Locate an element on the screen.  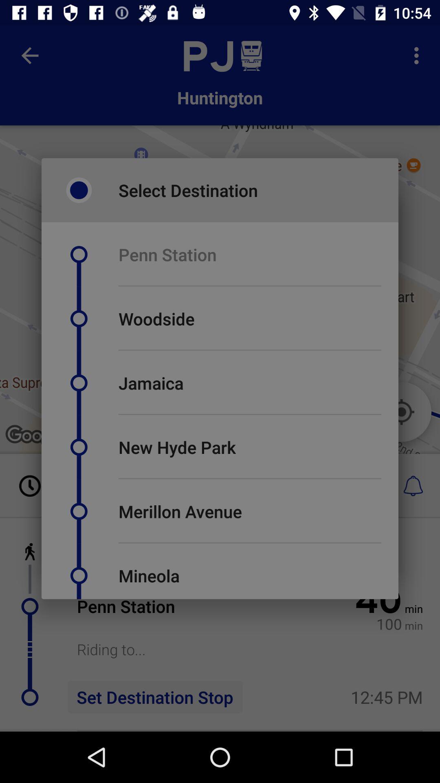
the item above new hyde park icon is located at coordinates (249, 414).